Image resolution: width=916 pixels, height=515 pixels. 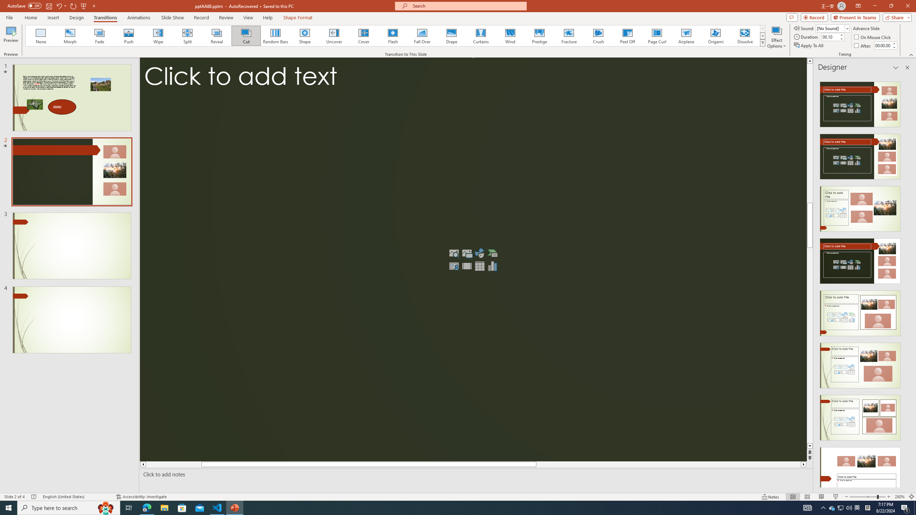 What do you see at coordinates (762, 42) in the screenshot?
I see `'Transition Effects'` at bounding box center [762, 42].